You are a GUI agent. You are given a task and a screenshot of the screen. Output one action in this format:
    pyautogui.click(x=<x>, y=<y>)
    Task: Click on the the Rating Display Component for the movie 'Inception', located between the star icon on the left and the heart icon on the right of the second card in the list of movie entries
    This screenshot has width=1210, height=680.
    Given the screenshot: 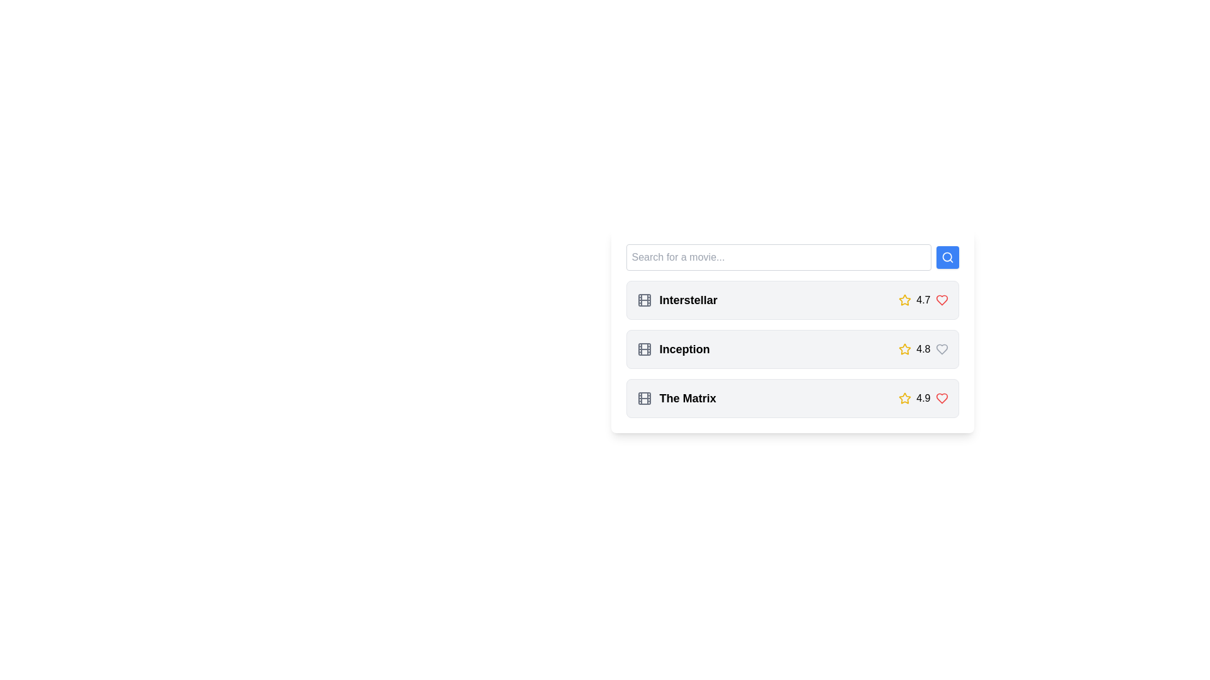 What is the action you would take?
    pyautogui.click(x=923, y=349)
    